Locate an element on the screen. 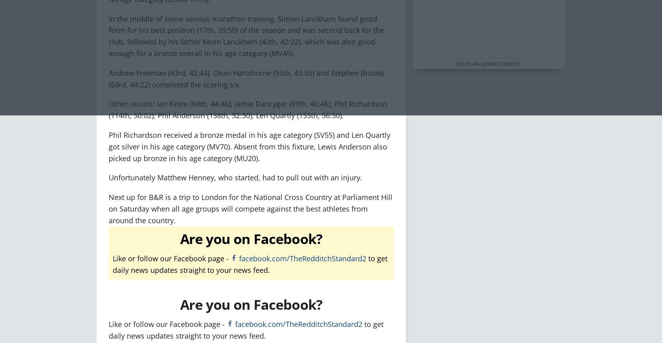  'Book an advertisement' is located at coordinates (488, 63).